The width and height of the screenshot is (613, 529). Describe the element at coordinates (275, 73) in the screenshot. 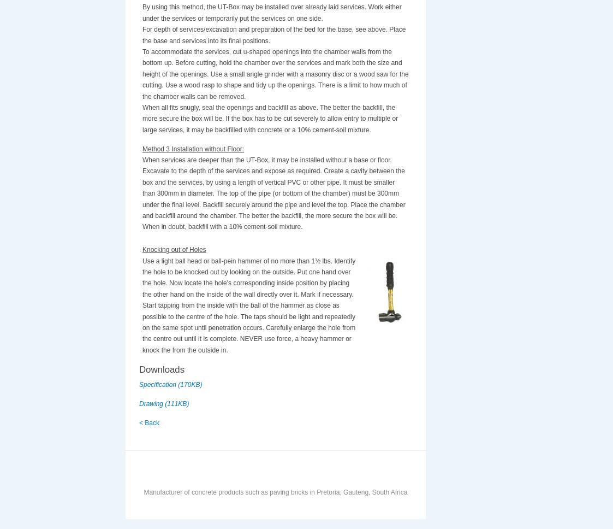

I see `'To accommodate the services, cut u-shaped openings into the chamber walls from the bottom up. Before cutting, hold the chamber over the services and mark both the size and height of the openings. Use a small angle grinder with a masonry disc or a wood saw for the cutting. Use a wood rasp to shape and tidy up the openings. There is a limit to how much of the chamber walls can be removed.'` at that location.